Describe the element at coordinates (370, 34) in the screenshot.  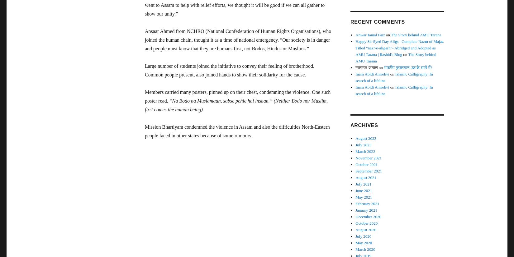
I see `'Anwar Jamal Faiz'` at that location.